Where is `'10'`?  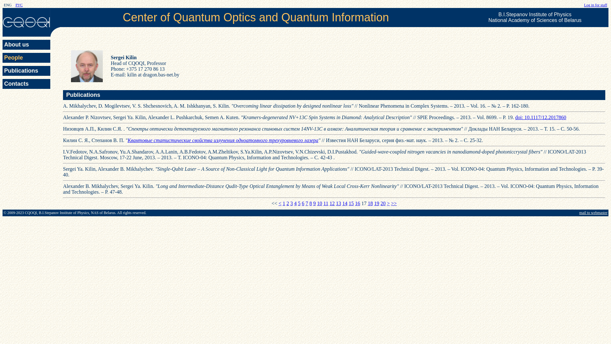
'10' is located at coordinates (317, 203).